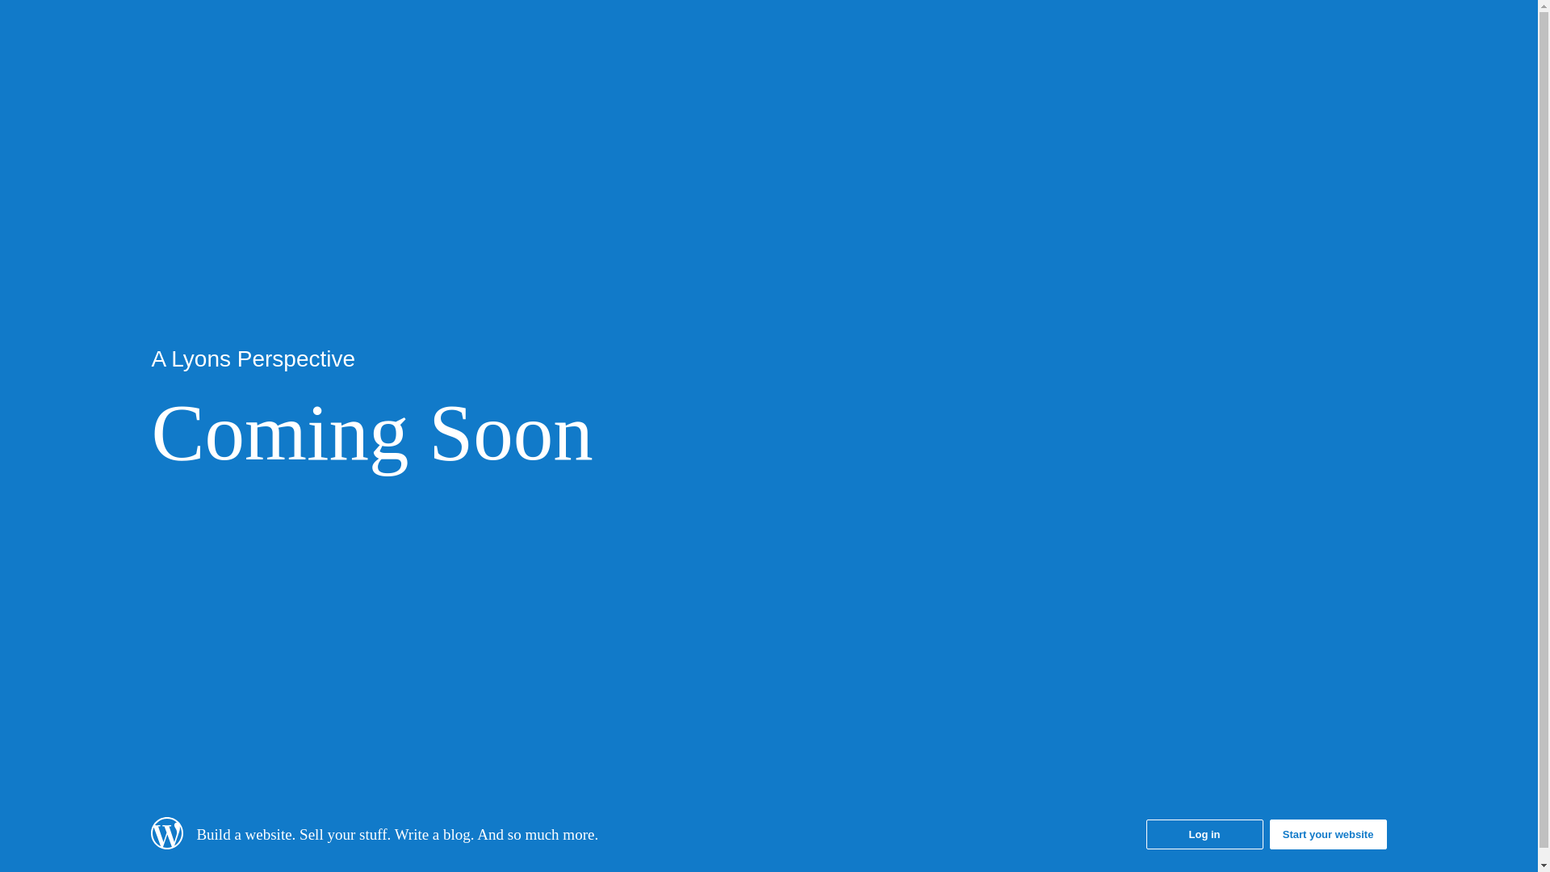 The height and width of the screenshot is (872, 1550). What do you see at coordinates (1204, 834) in the screenshot?
I see `'Log in'` at bounding box center [1204, 834].